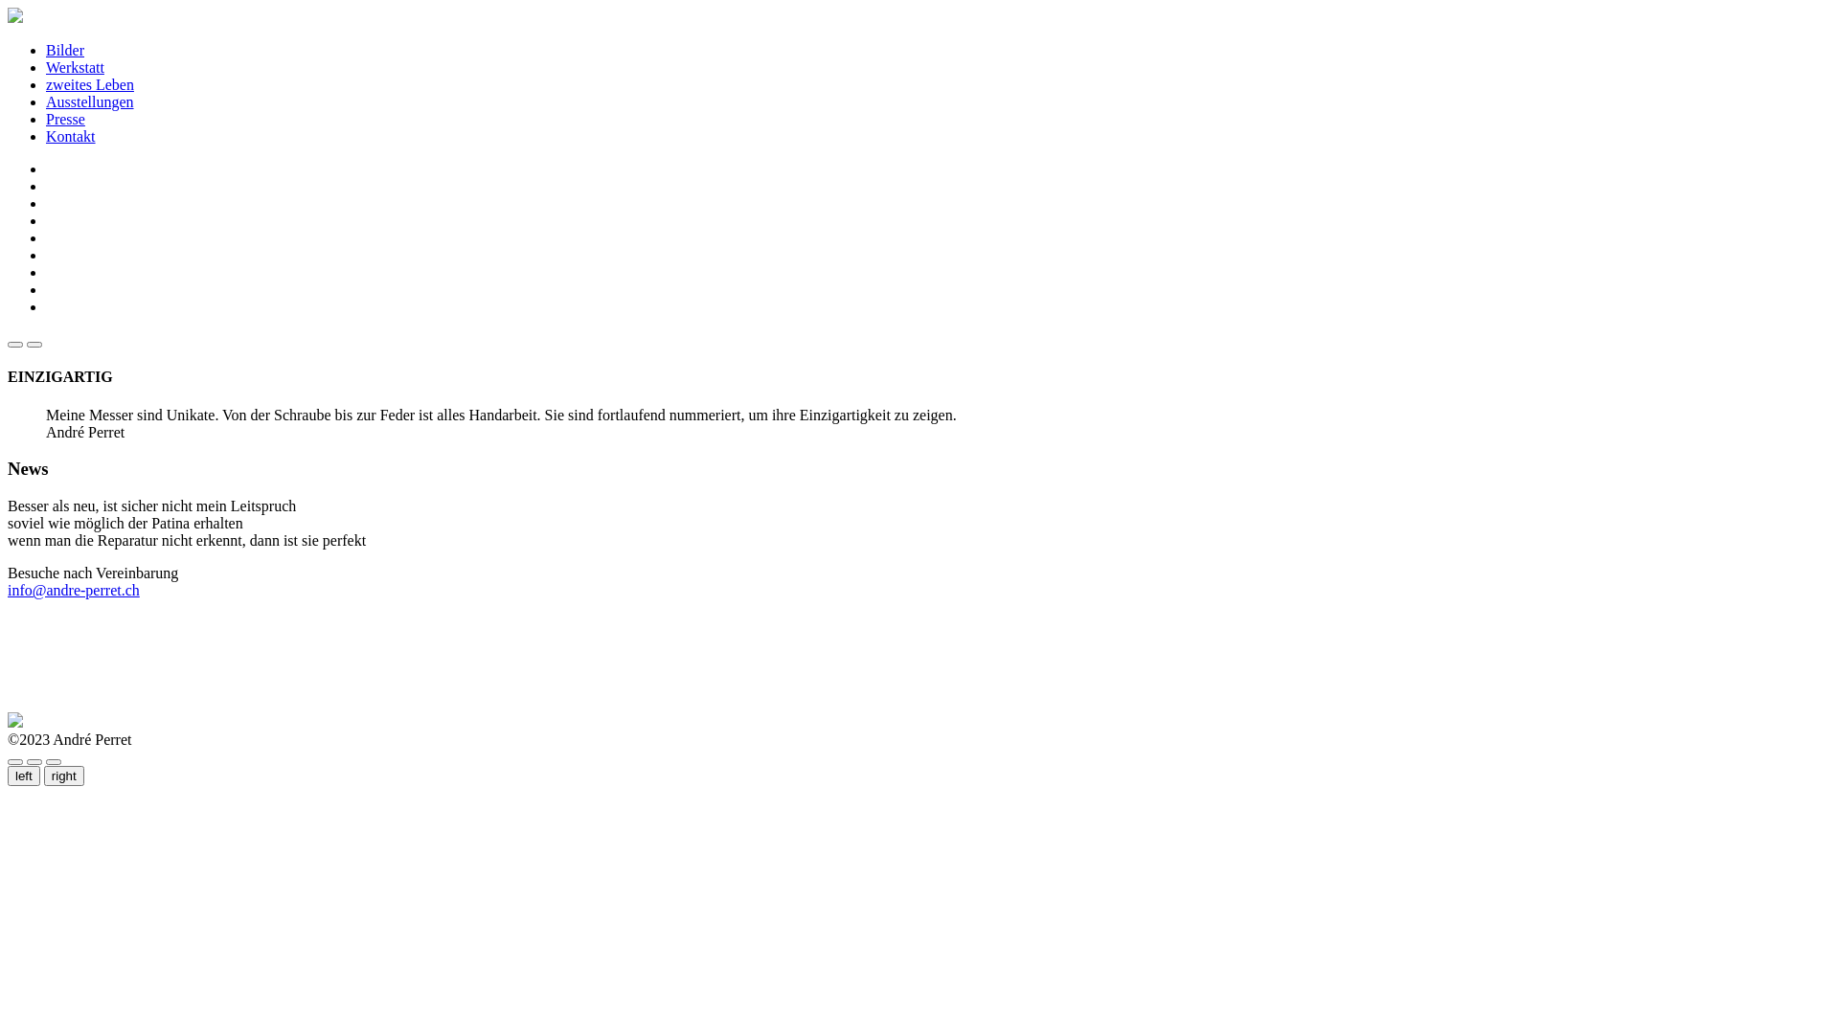 The image size is (1839, 1034). I want to click on 'Bilder', so click(64, 49).